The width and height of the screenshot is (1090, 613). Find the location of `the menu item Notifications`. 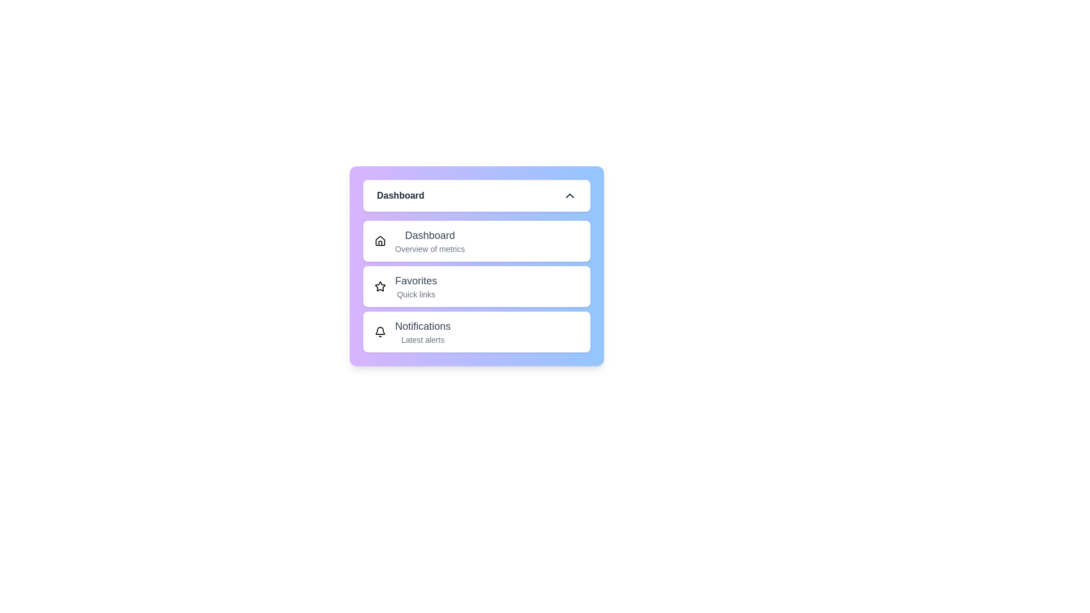

the menu item Notifications is located at coordinates (477, 332).